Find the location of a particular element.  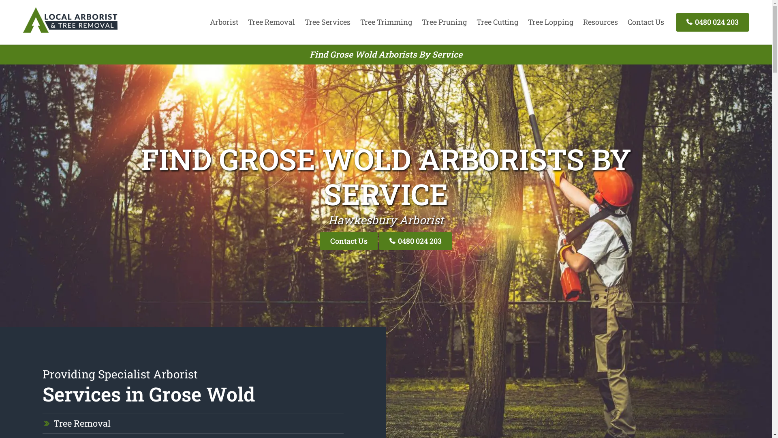

'Local Arborists & Tree Removal' is located at coordinates (23, 32).